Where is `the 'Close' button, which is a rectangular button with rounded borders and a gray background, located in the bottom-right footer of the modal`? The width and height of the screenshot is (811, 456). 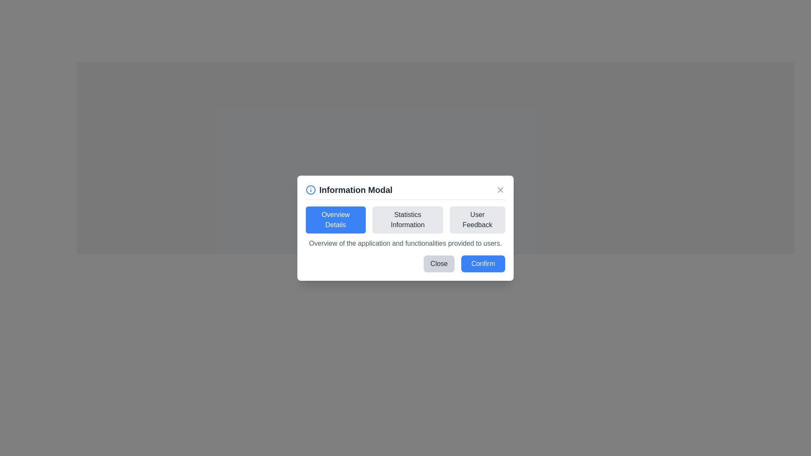
the 'Close' button, which is a rectangular button with rounded borders and a gray background, located in the bottom-right footer of the modal is located at coordinates (439, 263).